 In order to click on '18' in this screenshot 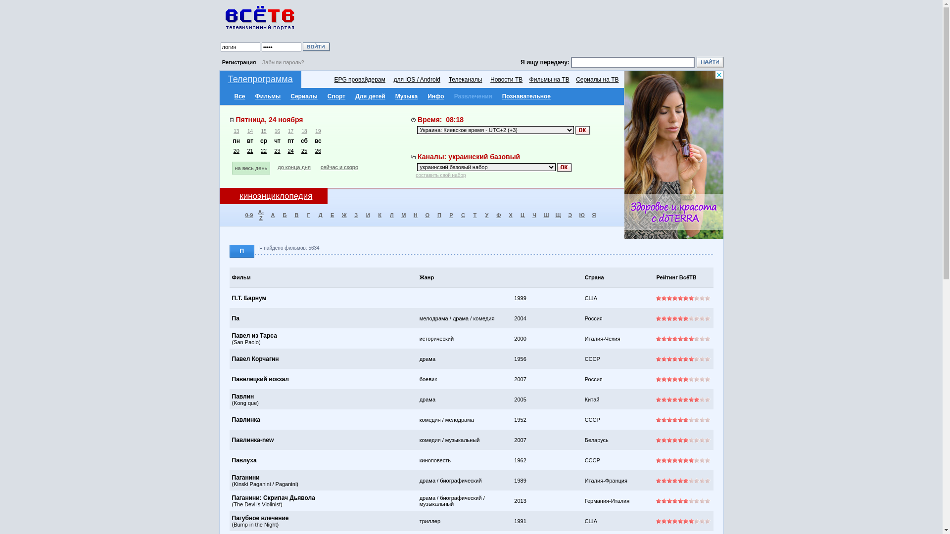, I will do `click(301, 131)`.